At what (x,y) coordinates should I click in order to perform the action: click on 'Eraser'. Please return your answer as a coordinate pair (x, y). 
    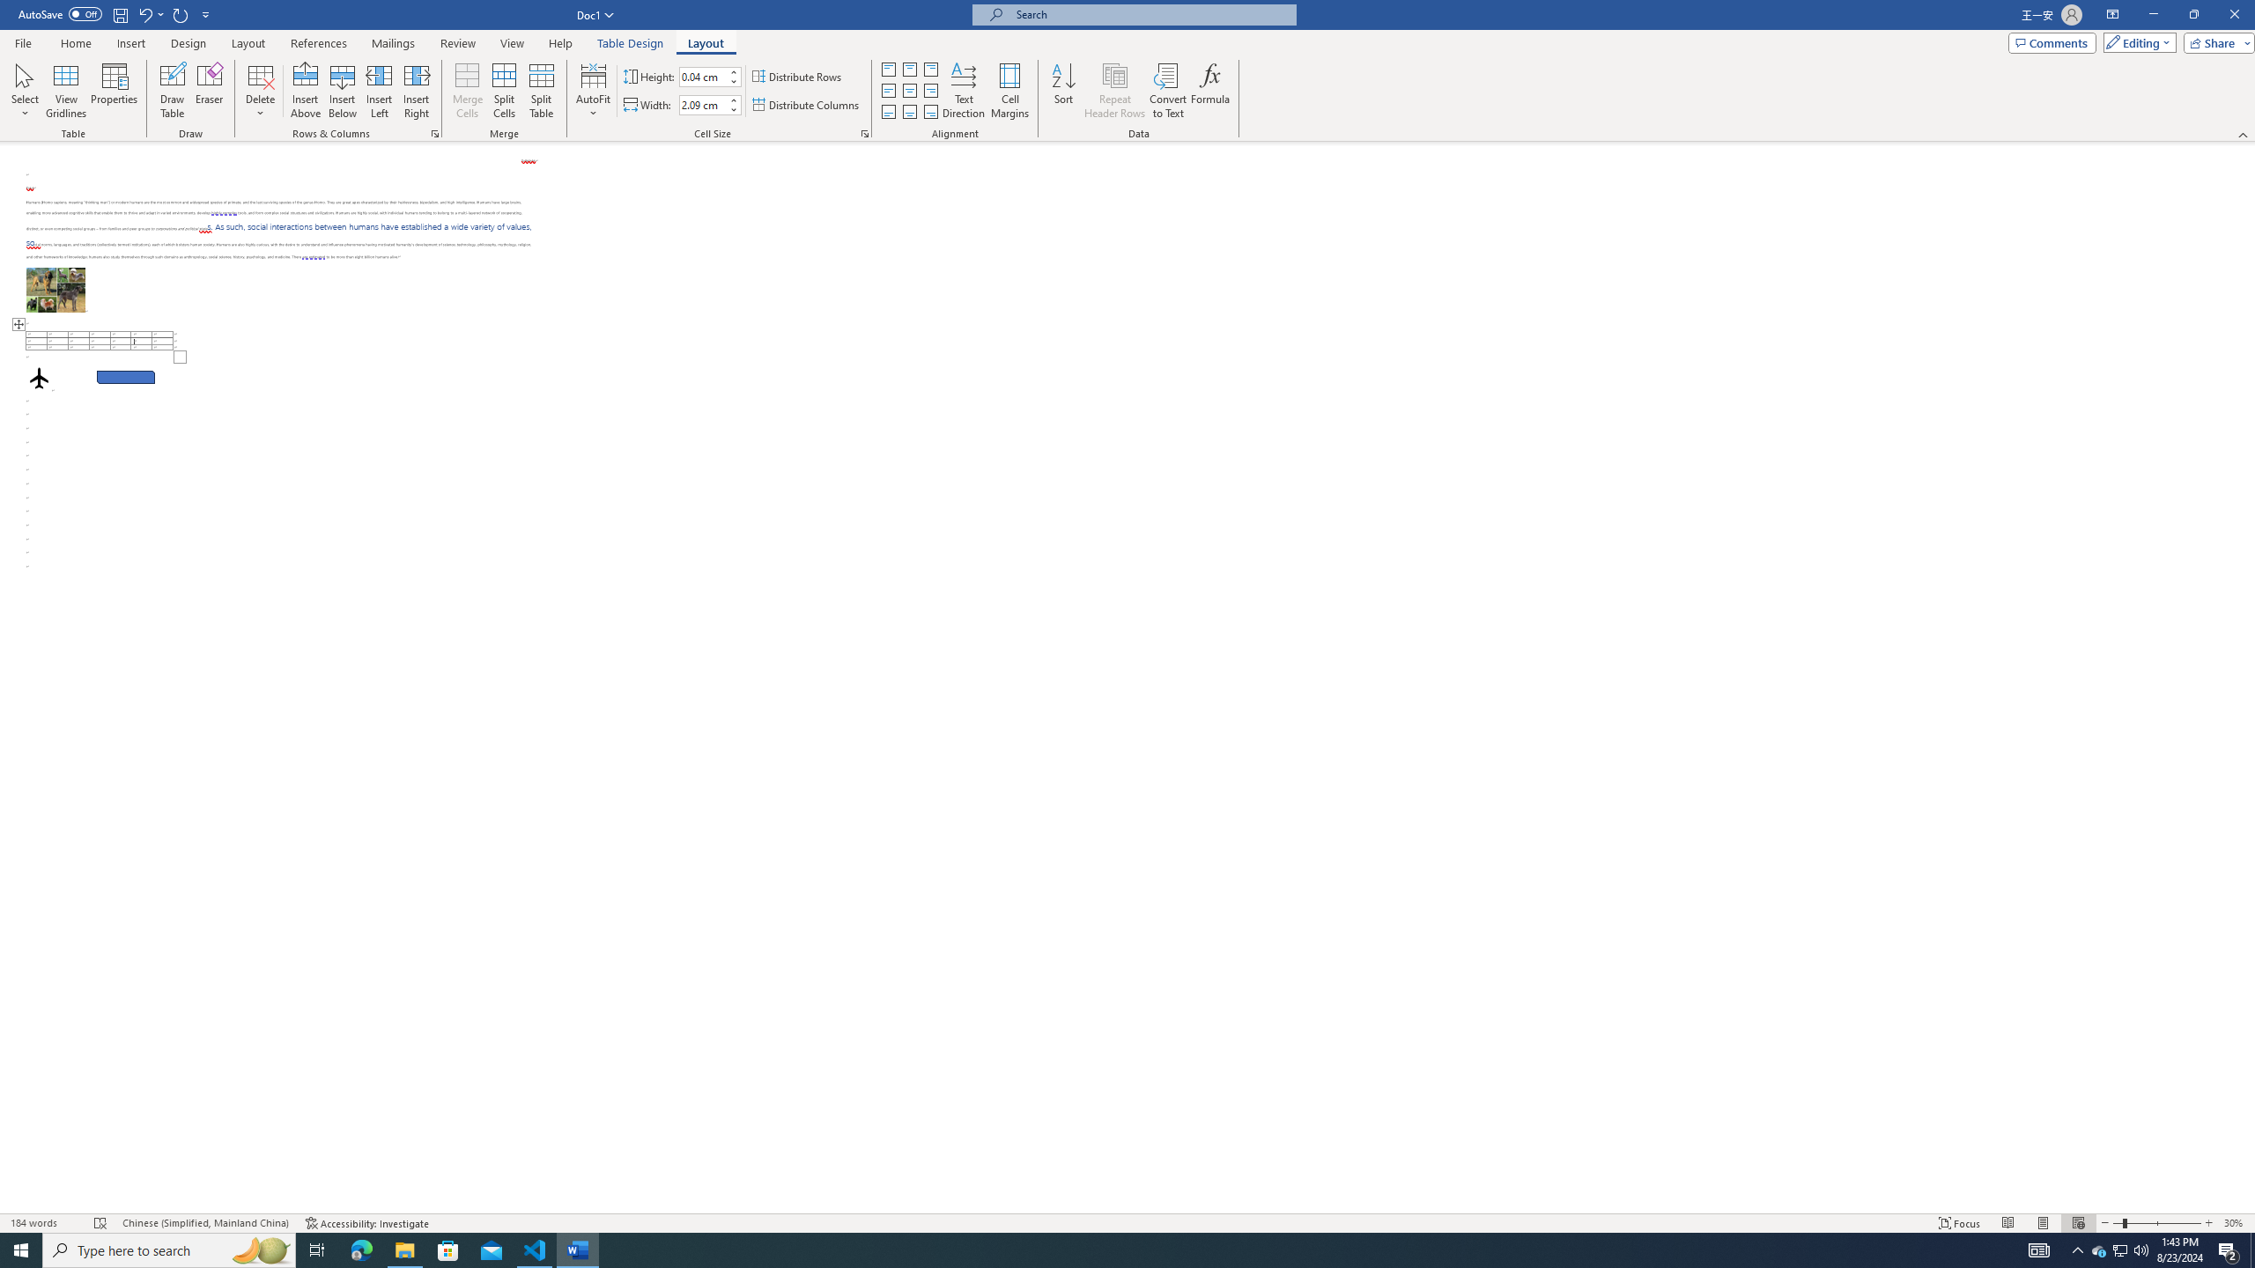
    Looking at the image, I should click on (209, 91).